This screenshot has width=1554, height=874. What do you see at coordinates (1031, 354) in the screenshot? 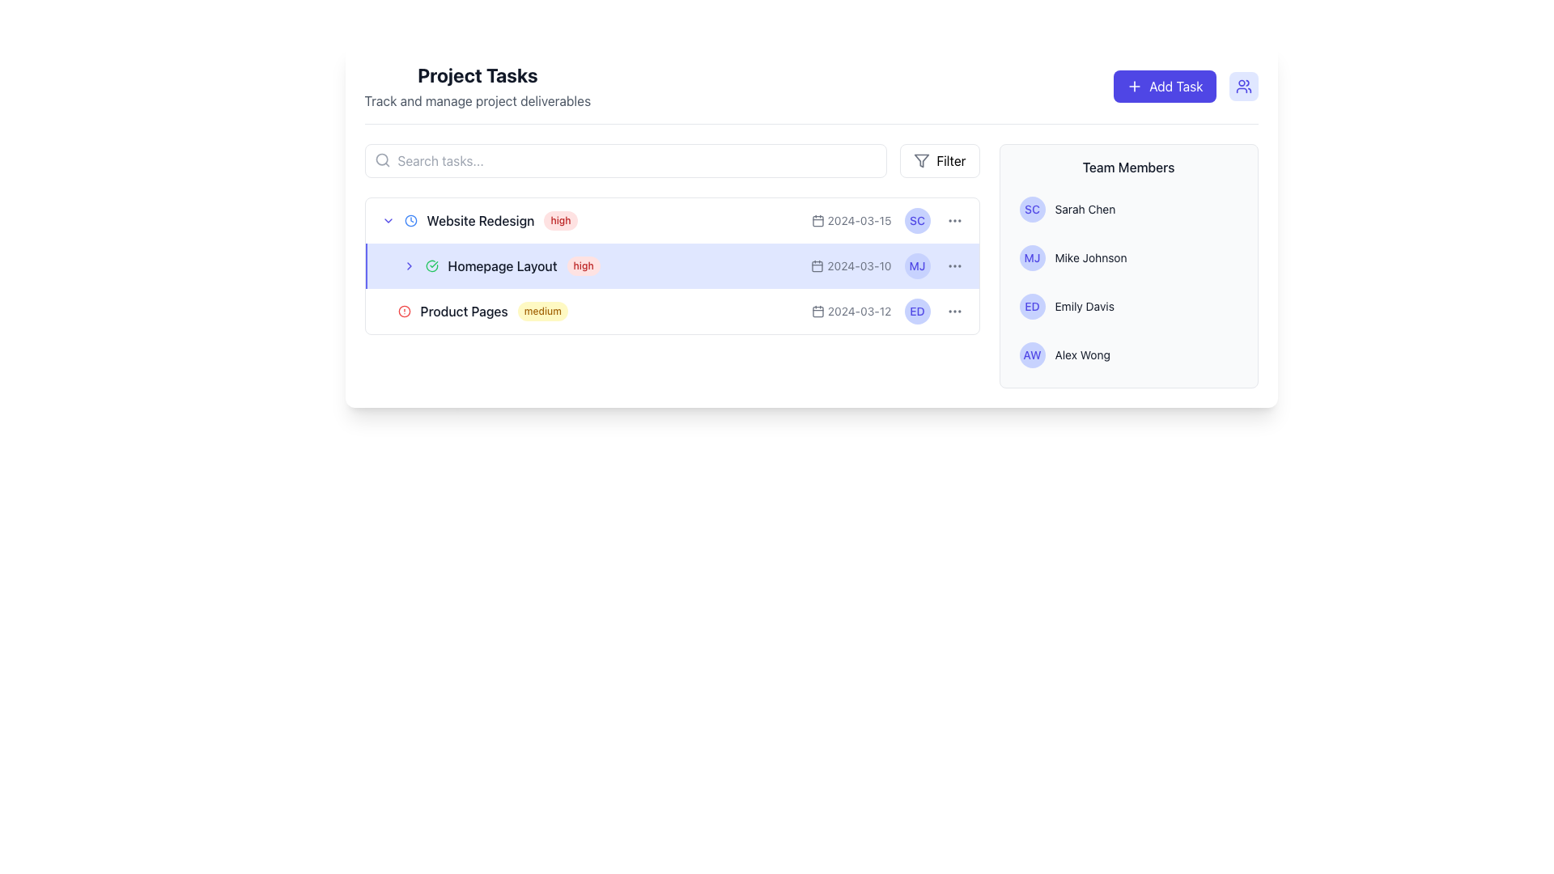
I see `the small circular avatar icon with a light indigo background and dark indigo text 'AW', located in the 'Team Members' section, at the far right of the layout, just before the text 'Alex Wong'` at bounding box center [1031, 354].